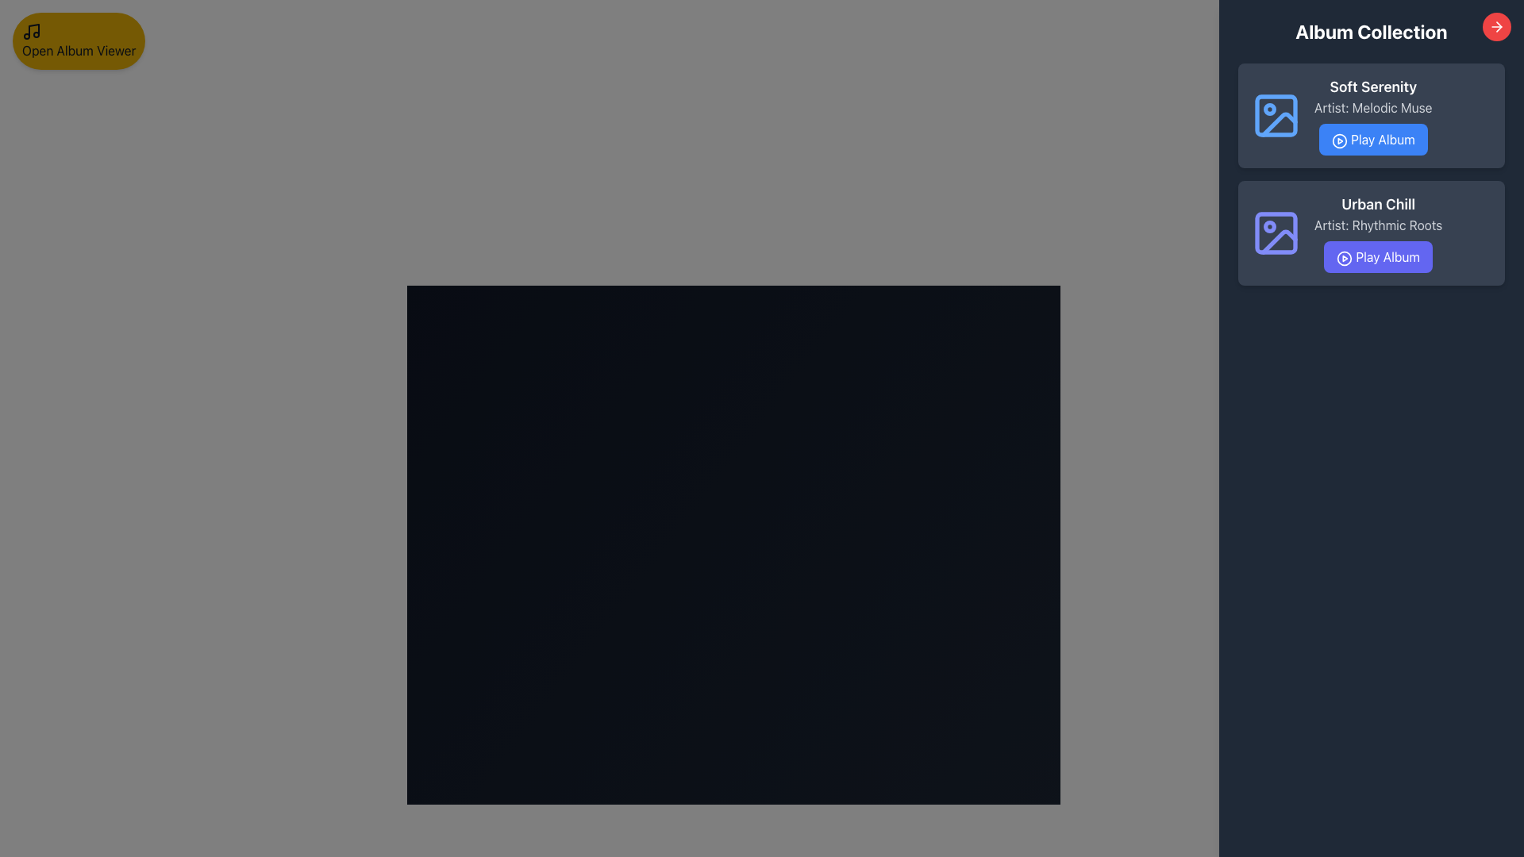  Describe the element at coordinates (1276, 233) in the screenshot. I see `the image placeholder for the album 'Urban Chill', which serves as a visual cue for the album's artwork` at that location.